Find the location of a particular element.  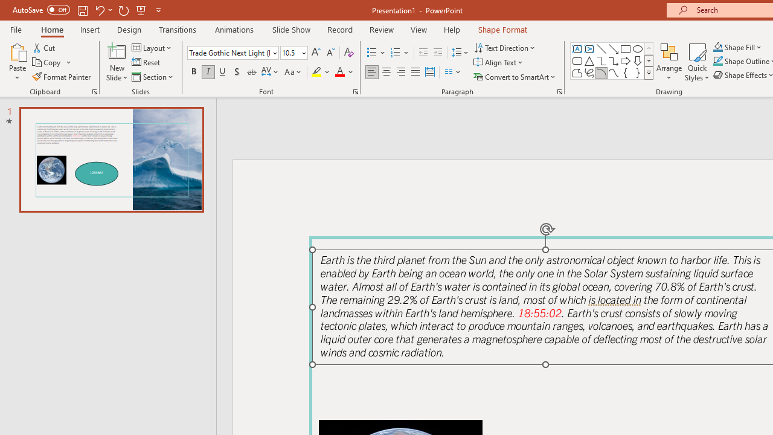

'Shape Fill Aqua, Accent 2' is located at coordinates (718, 47).